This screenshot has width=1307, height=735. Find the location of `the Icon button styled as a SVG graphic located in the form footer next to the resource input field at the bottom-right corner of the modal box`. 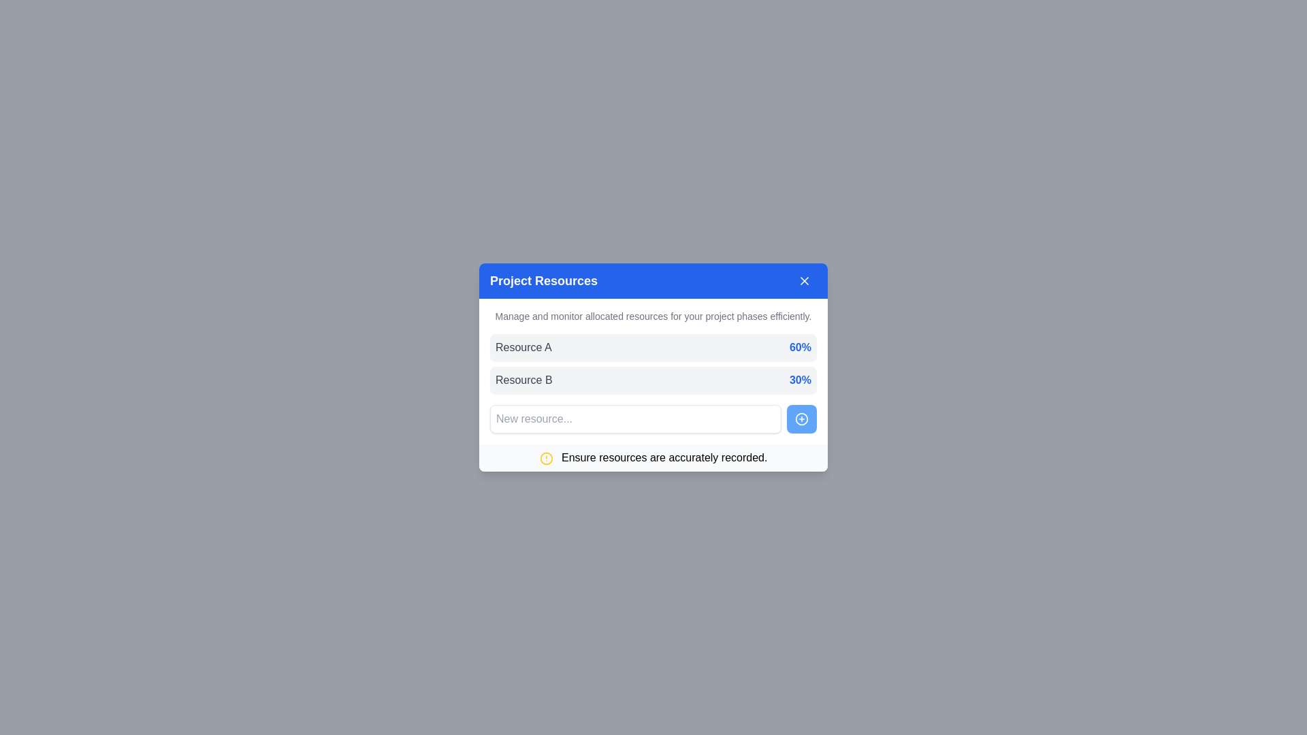

the Icon button styled as a SVG graphic located in the form footer next to the resource input field at the bottom-right corner of the modal box is located at coordinates (801, 419).